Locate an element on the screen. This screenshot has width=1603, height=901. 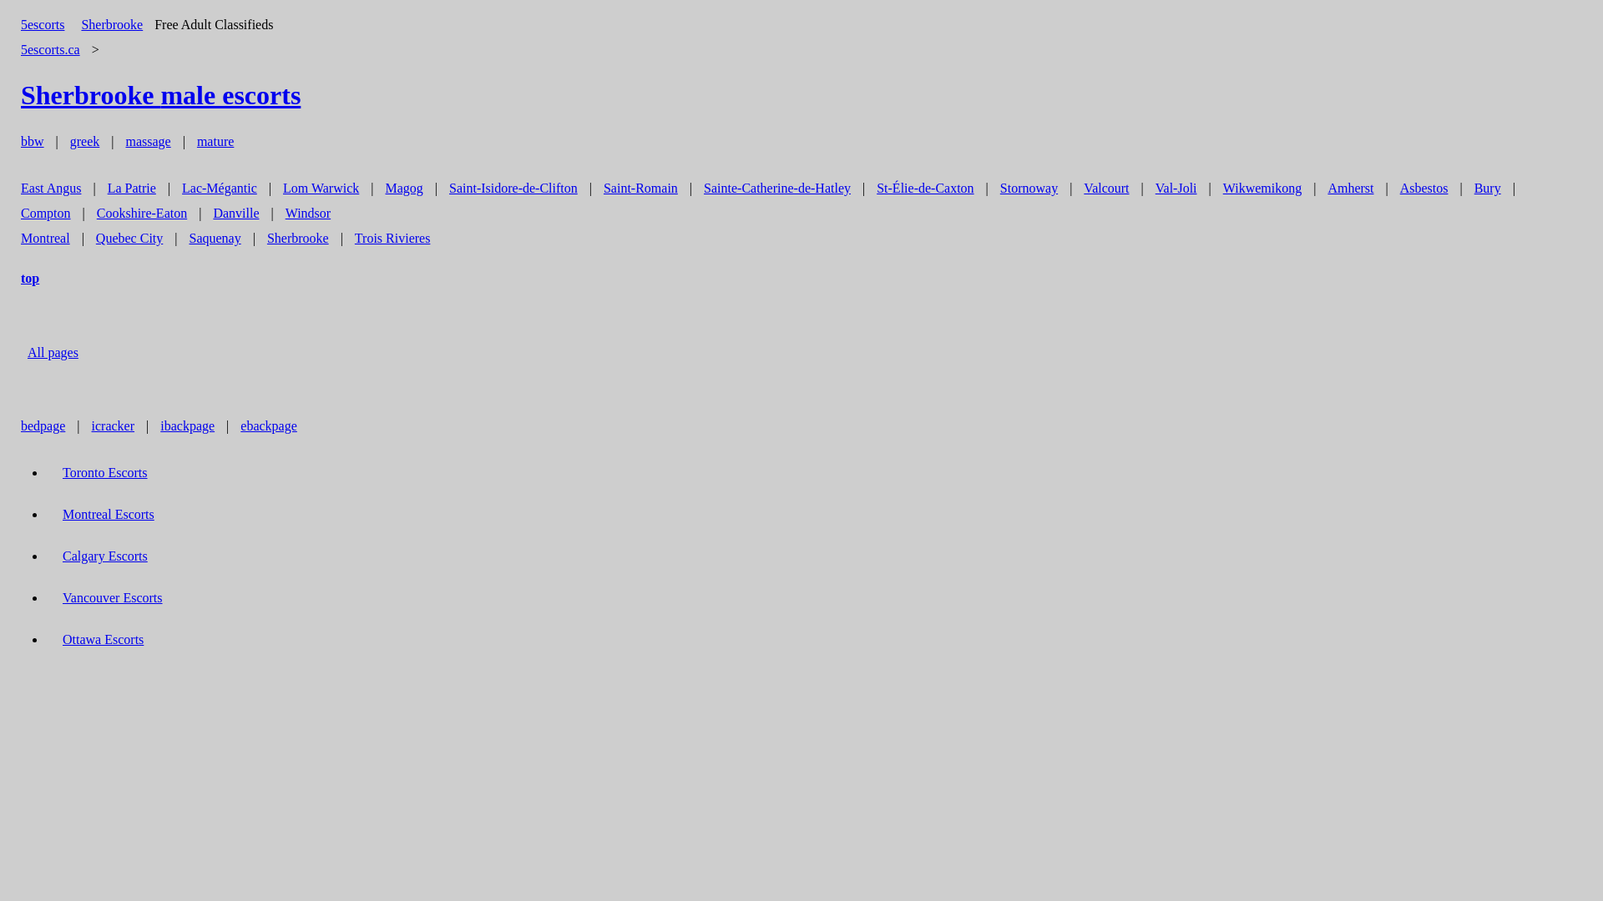
'Valcourt' is located at coordinates (1075, 188).